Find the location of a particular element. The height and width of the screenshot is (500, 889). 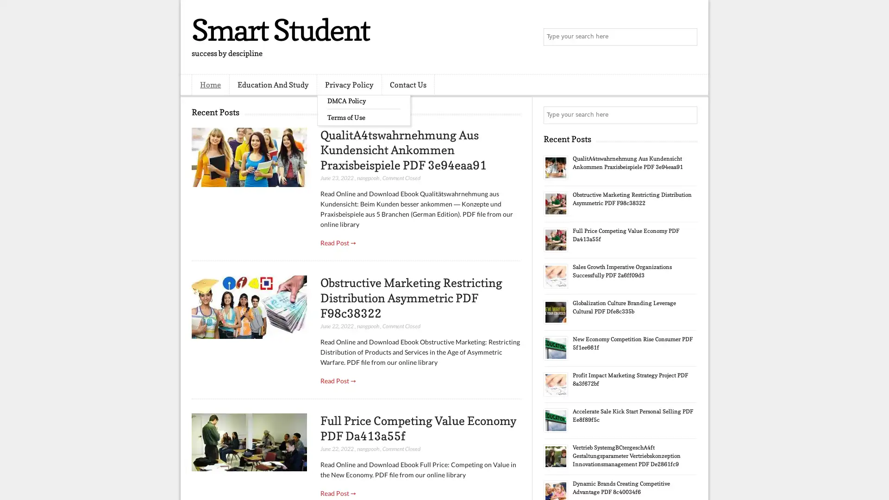

Search is located at coordinates (688, 37).